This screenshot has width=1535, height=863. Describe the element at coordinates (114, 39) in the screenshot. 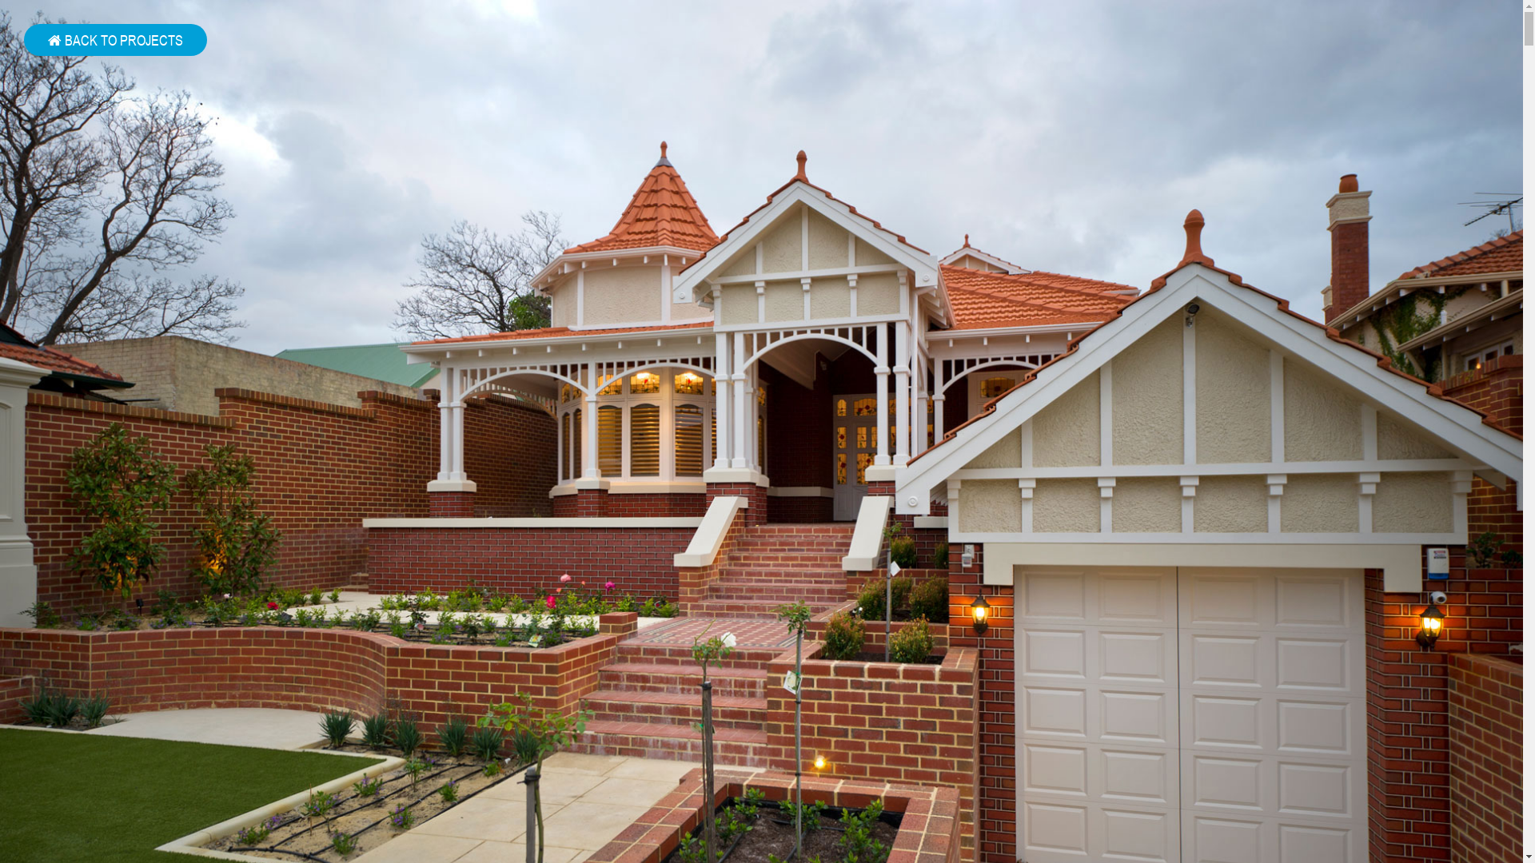

I see `'BACK TO PROJECTS'` at that location.